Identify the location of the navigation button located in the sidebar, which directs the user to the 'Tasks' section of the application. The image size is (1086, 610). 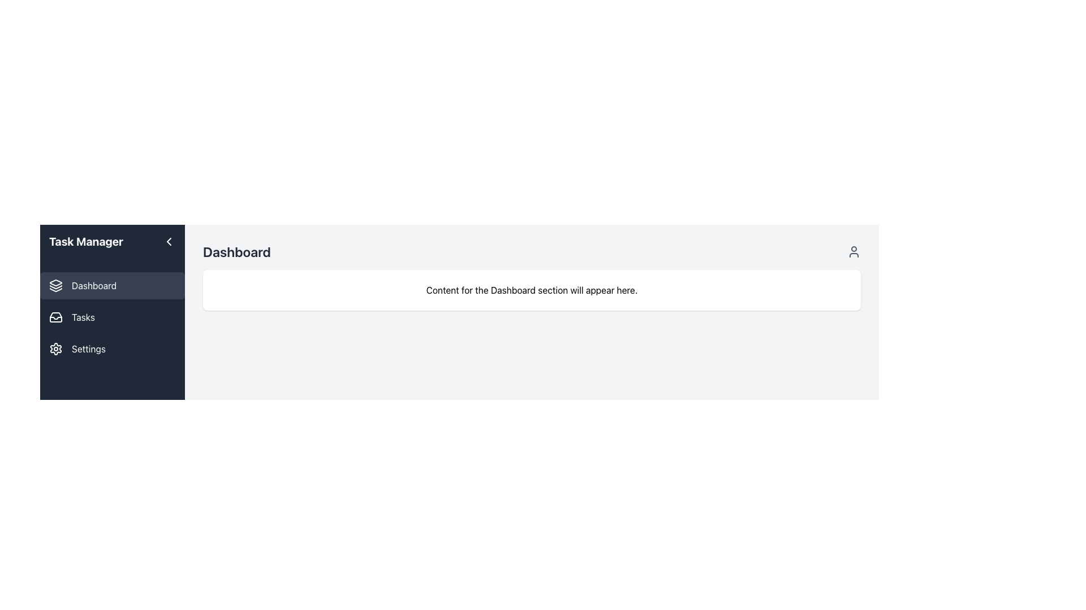
(112, 317).